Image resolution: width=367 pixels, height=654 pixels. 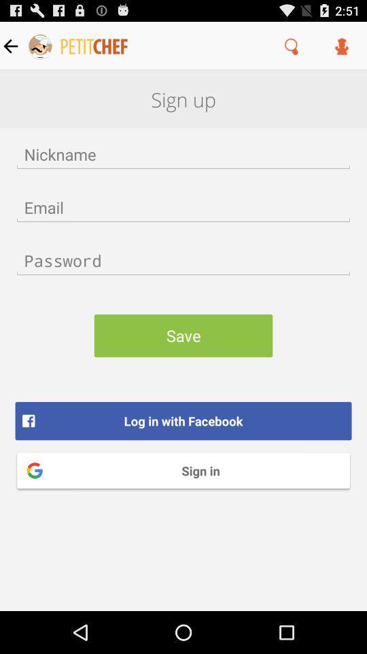 What do you see at coordinates (183, 334) in the screenshot?
I see `the item above the log in with icon` at bounding box center [183, 334].